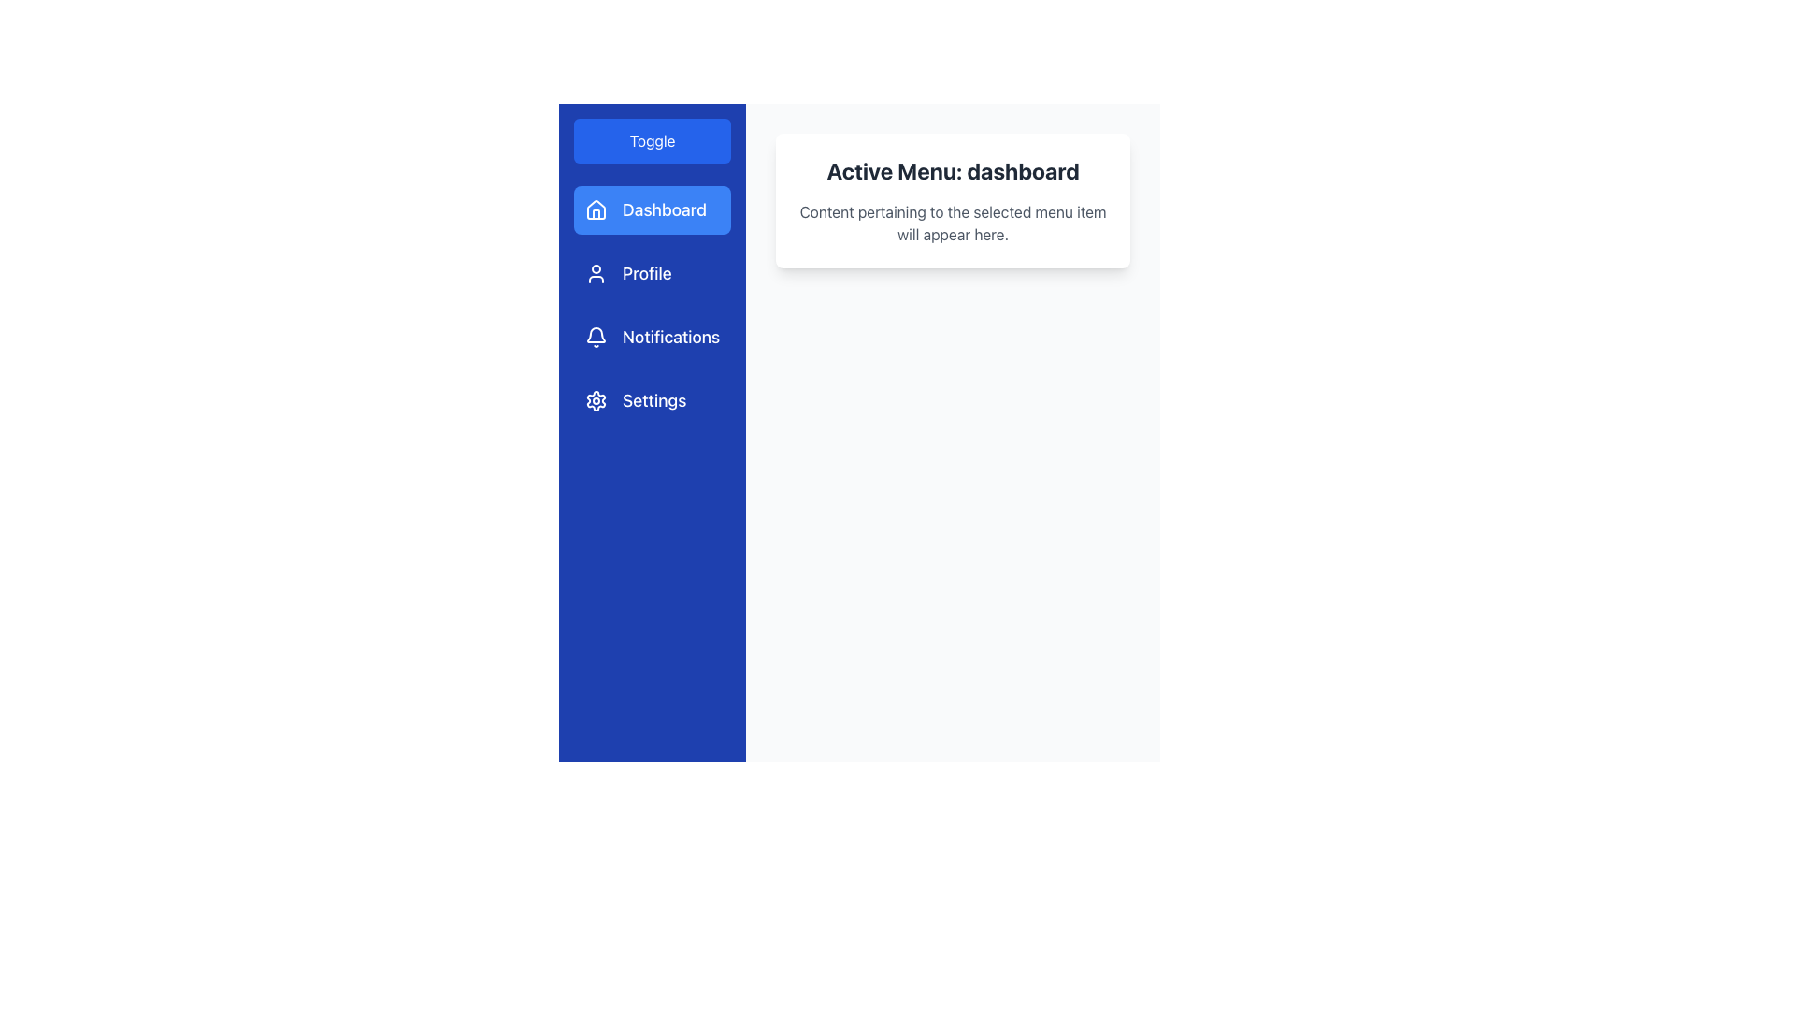 The image size is (1795, 1010). What do you see at coordinates (671, 338) in the screenshot?
I see `text content of the 'Notifications' label in the vertical navigation menu, which is bold and white on a blue background` at bounding box center [671, 338].